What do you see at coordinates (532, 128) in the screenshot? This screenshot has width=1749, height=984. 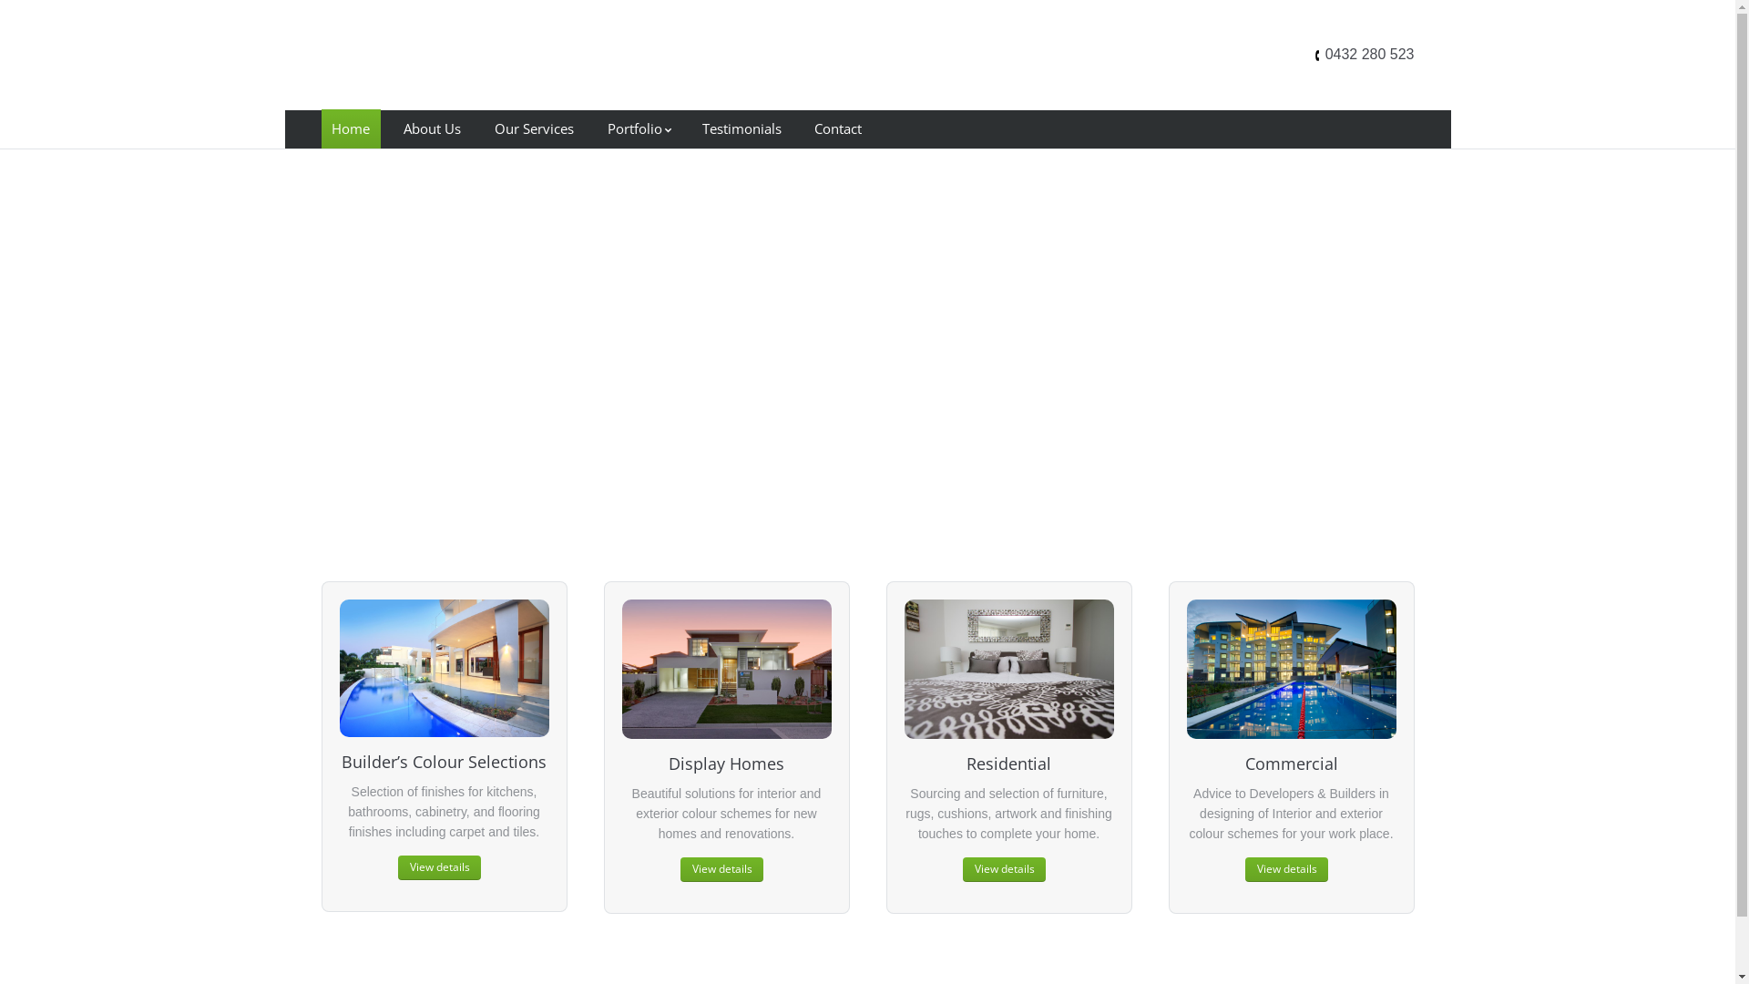 I see `'Our Services'` at bounding box center [532, 128].